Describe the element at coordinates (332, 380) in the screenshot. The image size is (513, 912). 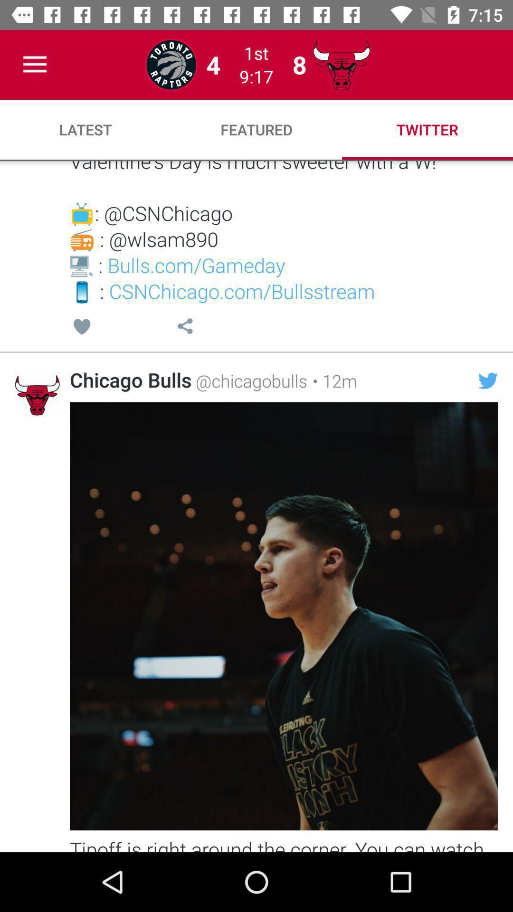
I see `icon next to the @chicagobulls` at that location.